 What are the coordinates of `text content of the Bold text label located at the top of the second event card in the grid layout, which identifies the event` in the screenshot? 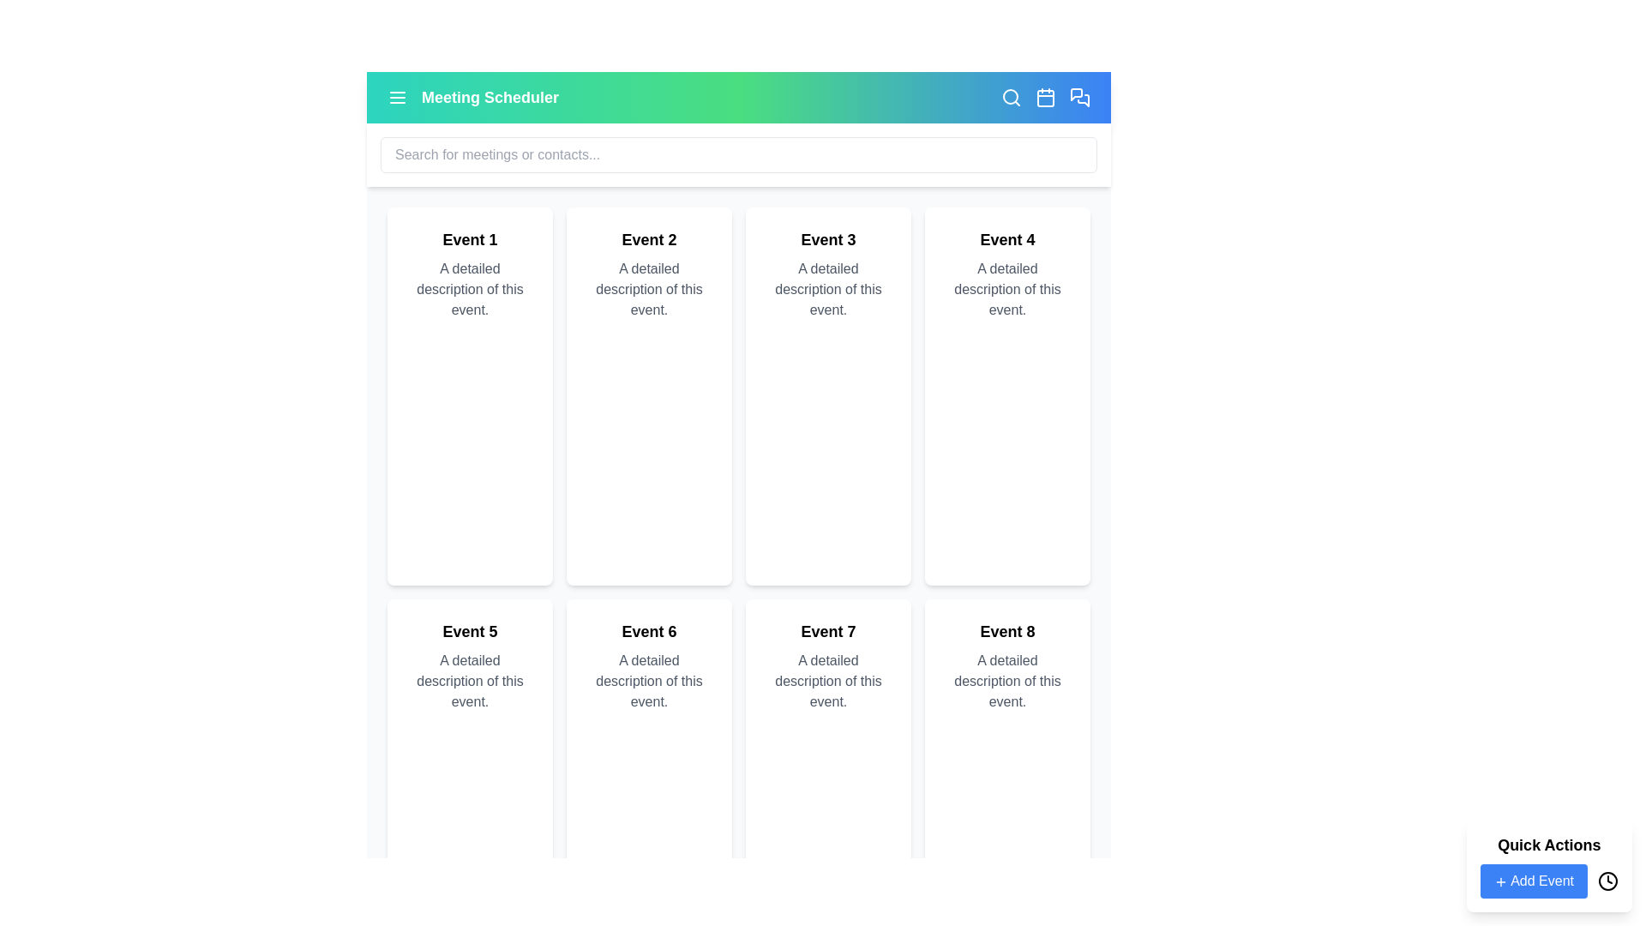 It's located at (648, 240).